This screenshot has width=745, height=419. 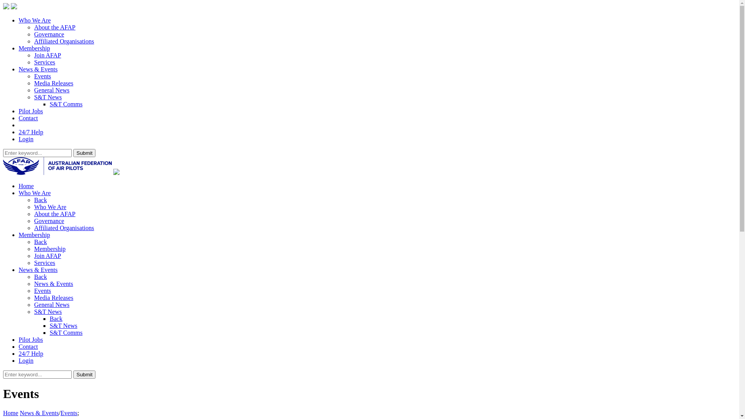 What do you see at coordinates (26, 360) in the screenshot?
I see `'Login'` at bounding box center [26, 360].